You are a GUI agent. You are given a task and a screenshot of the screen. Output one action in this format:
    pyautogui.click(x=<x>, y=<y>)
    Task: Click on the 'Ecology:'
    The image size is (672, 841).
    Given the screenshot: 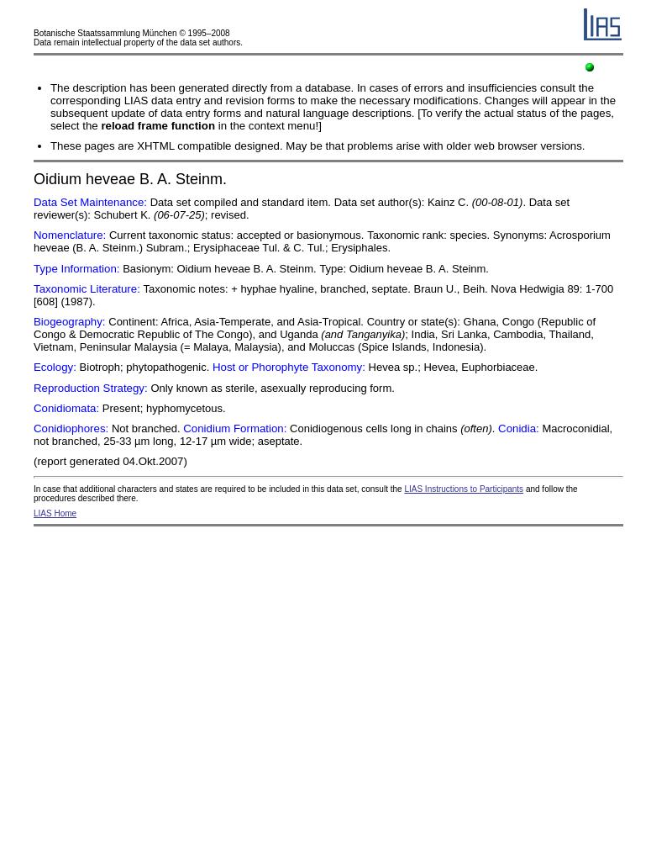 What is the action you would take?
    pyautogui.click(x=54, y=367)
    